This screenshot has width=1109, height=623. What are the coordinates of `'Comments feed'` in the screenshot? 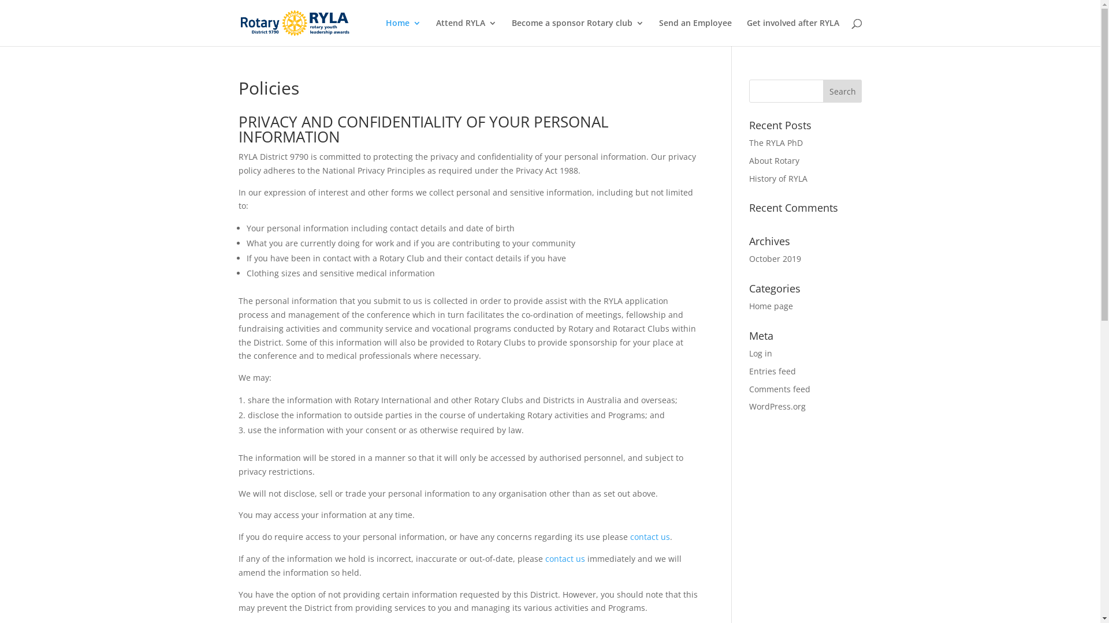 It's located at (779, 389).